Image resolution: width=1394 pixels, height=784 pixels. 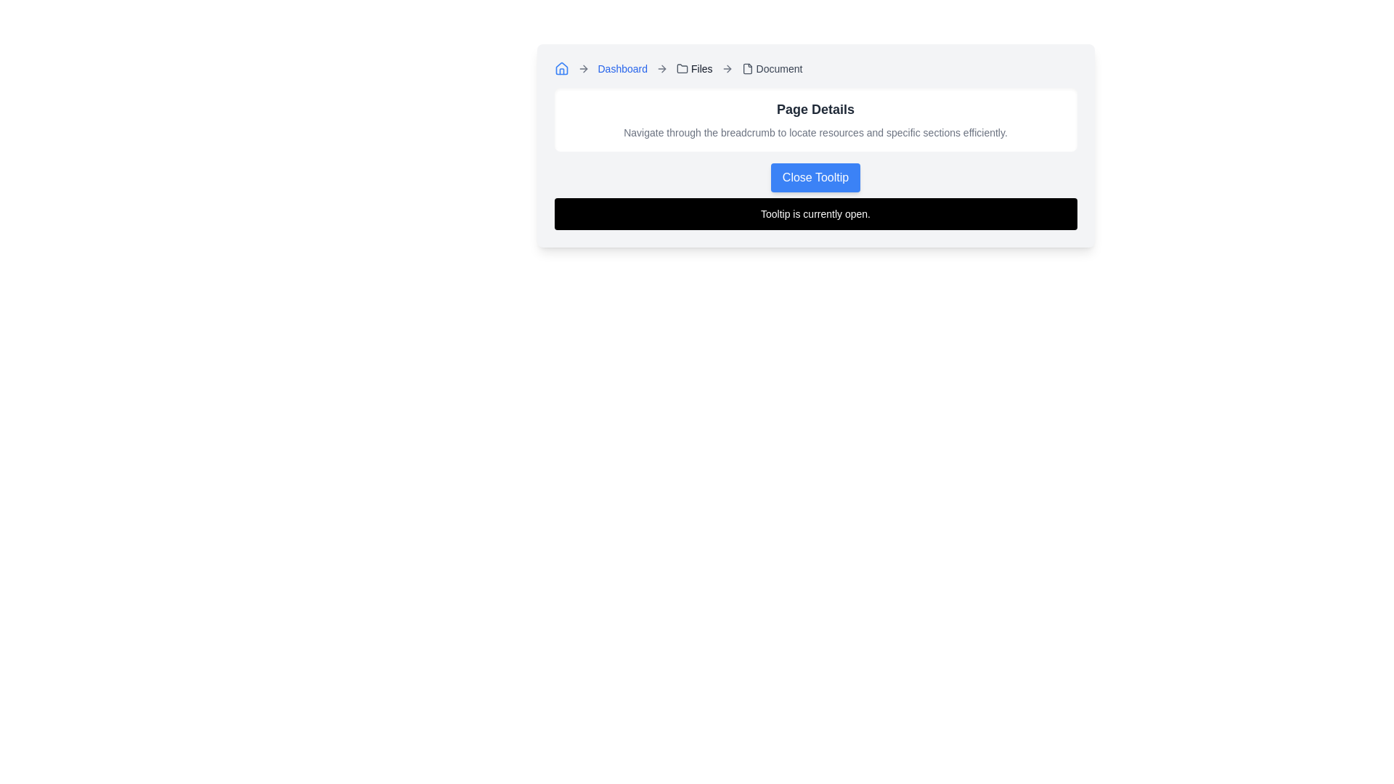 What do you see at coordinates (561, 69) in the screenshot?
I see `the icon representing the starting point of the navigation, located at the far left of the breadcrumb navigation bar preceding the text 'Dashboard'` at bounding box center [561, 69].